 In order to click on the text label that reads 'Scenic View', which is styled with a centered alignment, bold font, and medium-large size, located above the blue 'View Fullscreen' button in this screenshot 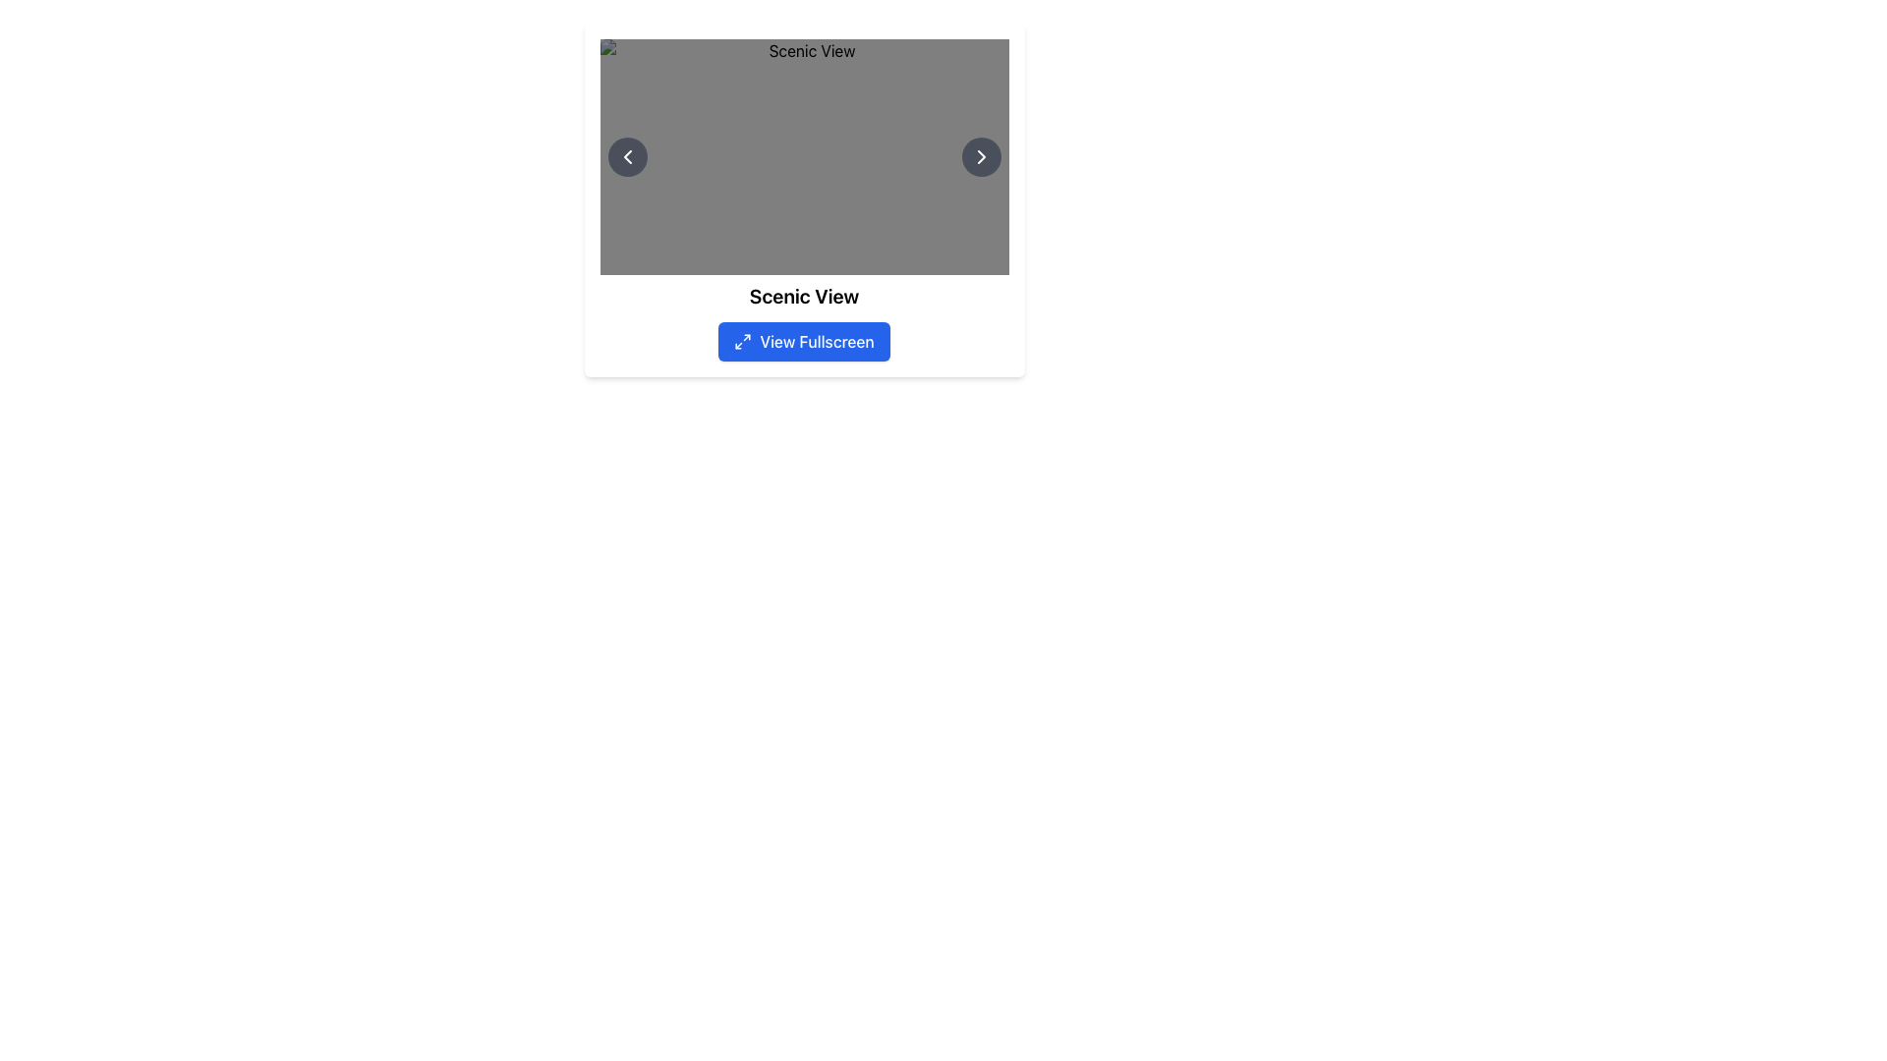, I will do `click(804, 296)`.